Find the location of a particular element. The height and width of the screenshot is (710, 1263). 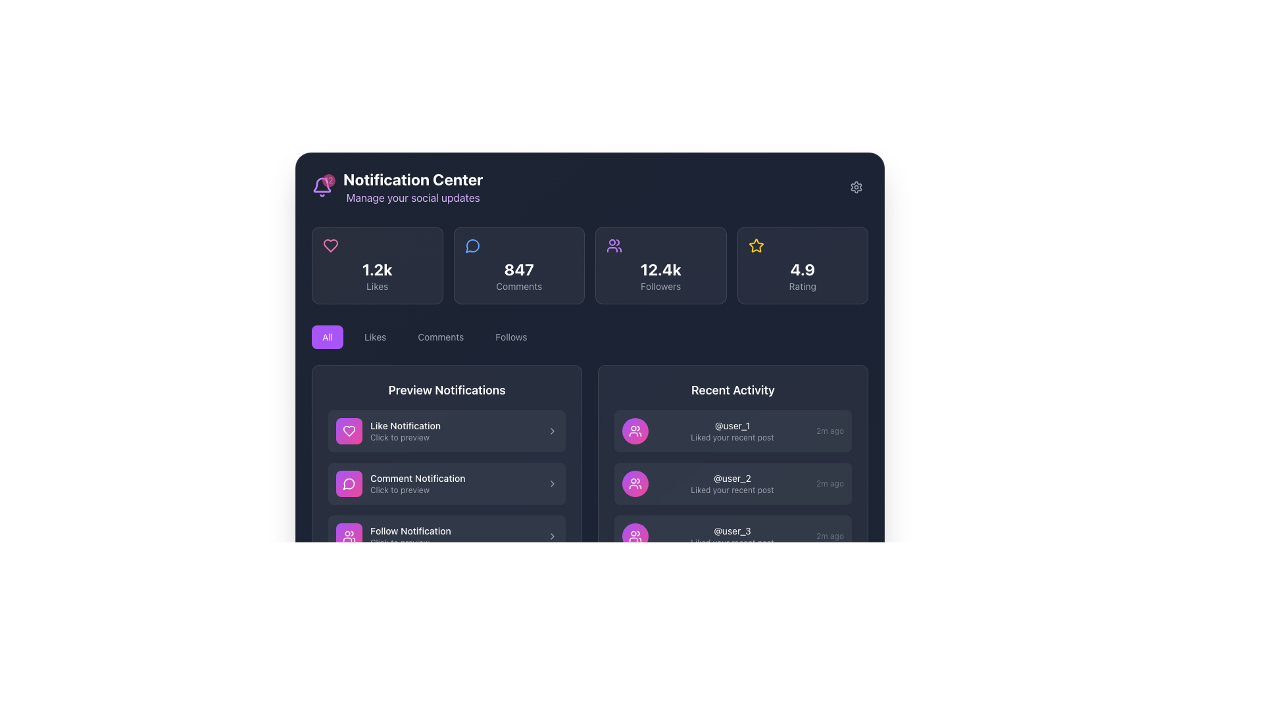

the second notification card in the 'Recent Activity' section that indicates '@user_2' liked the recipient's recent post is located at coordinates (732, 484).